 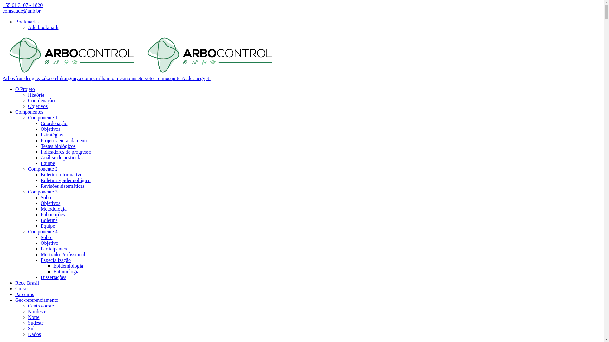 What do you see at coordinates (27, 21) in the screenshot?
I see `'Bookmarks'` at bounding box center [27, 21].